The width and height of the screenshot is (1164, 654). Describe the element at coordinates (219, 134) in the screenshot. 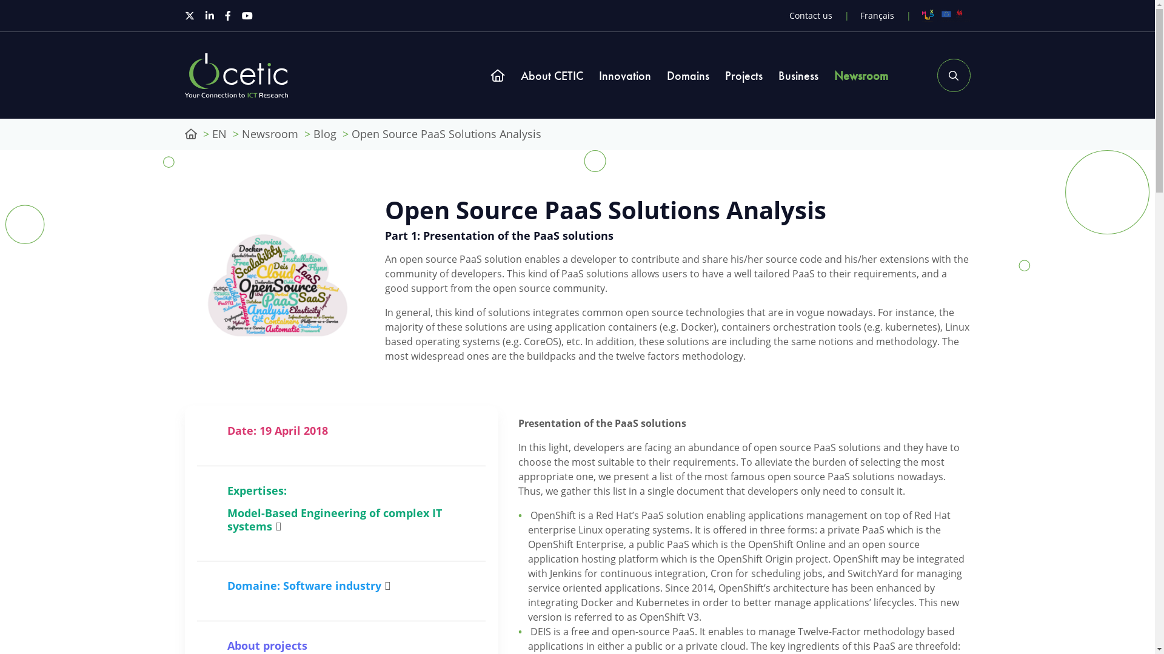

I see `'EN'` at that location.